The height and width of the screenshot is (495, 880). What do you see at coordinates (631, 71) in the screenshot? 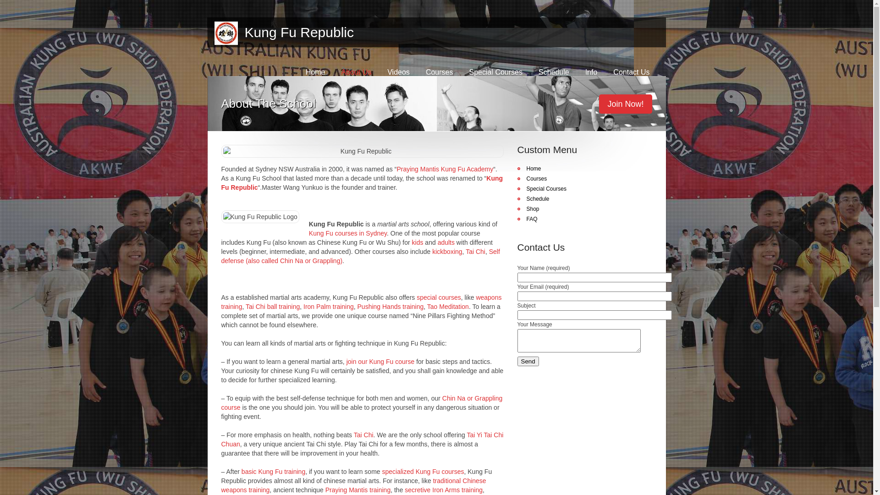
I see `'Contact Us'` at bounding box center [631, 71].